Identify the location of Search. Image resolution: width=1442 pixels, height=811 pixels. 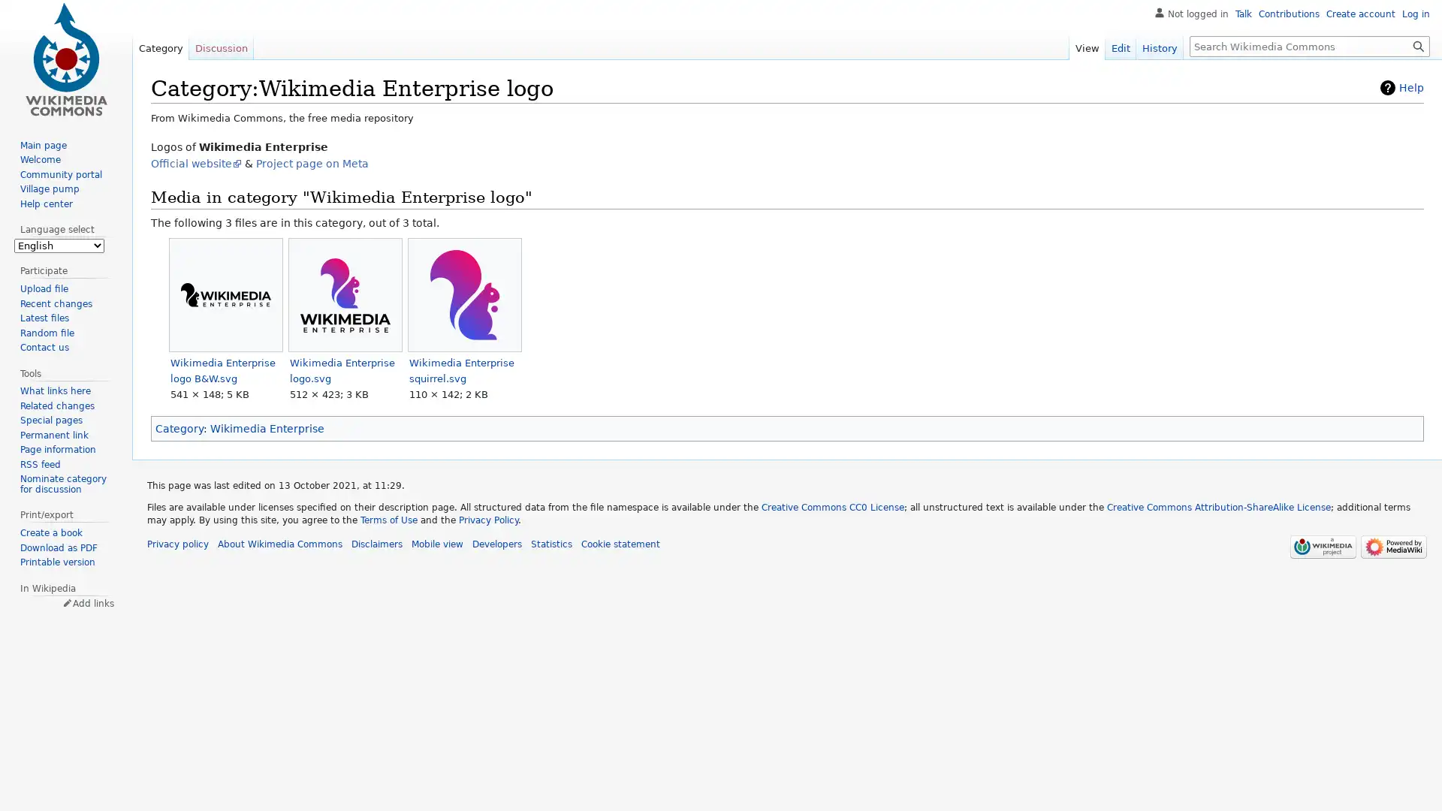
(1418, 45).